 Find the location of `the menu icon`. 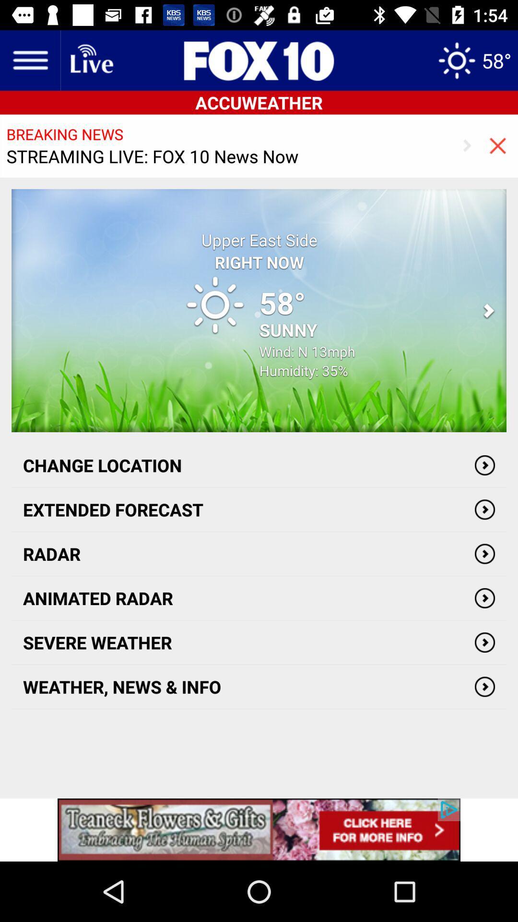

the menu icon is located at coordinates (29, 60).